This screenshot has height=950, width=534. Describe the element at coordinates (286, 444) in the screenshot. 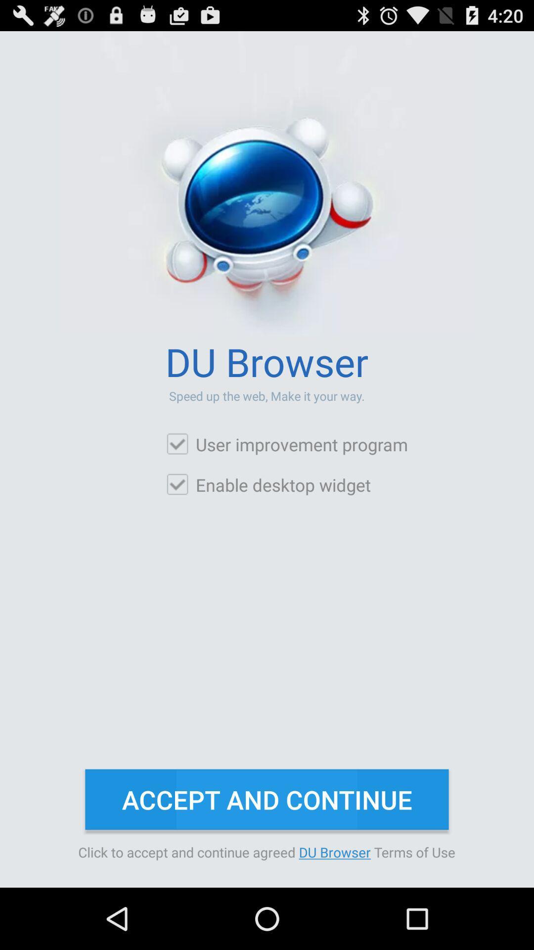

I see `the user improvement program checkbox` at that location.